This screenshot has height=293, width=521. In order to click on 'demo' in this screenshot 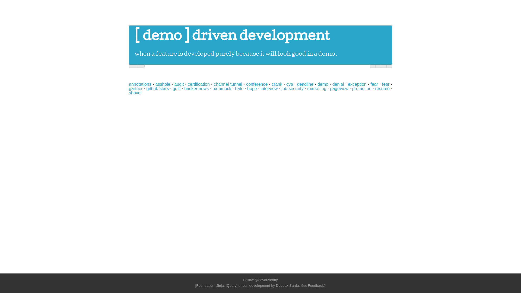, I will do `click(323, 84)`.